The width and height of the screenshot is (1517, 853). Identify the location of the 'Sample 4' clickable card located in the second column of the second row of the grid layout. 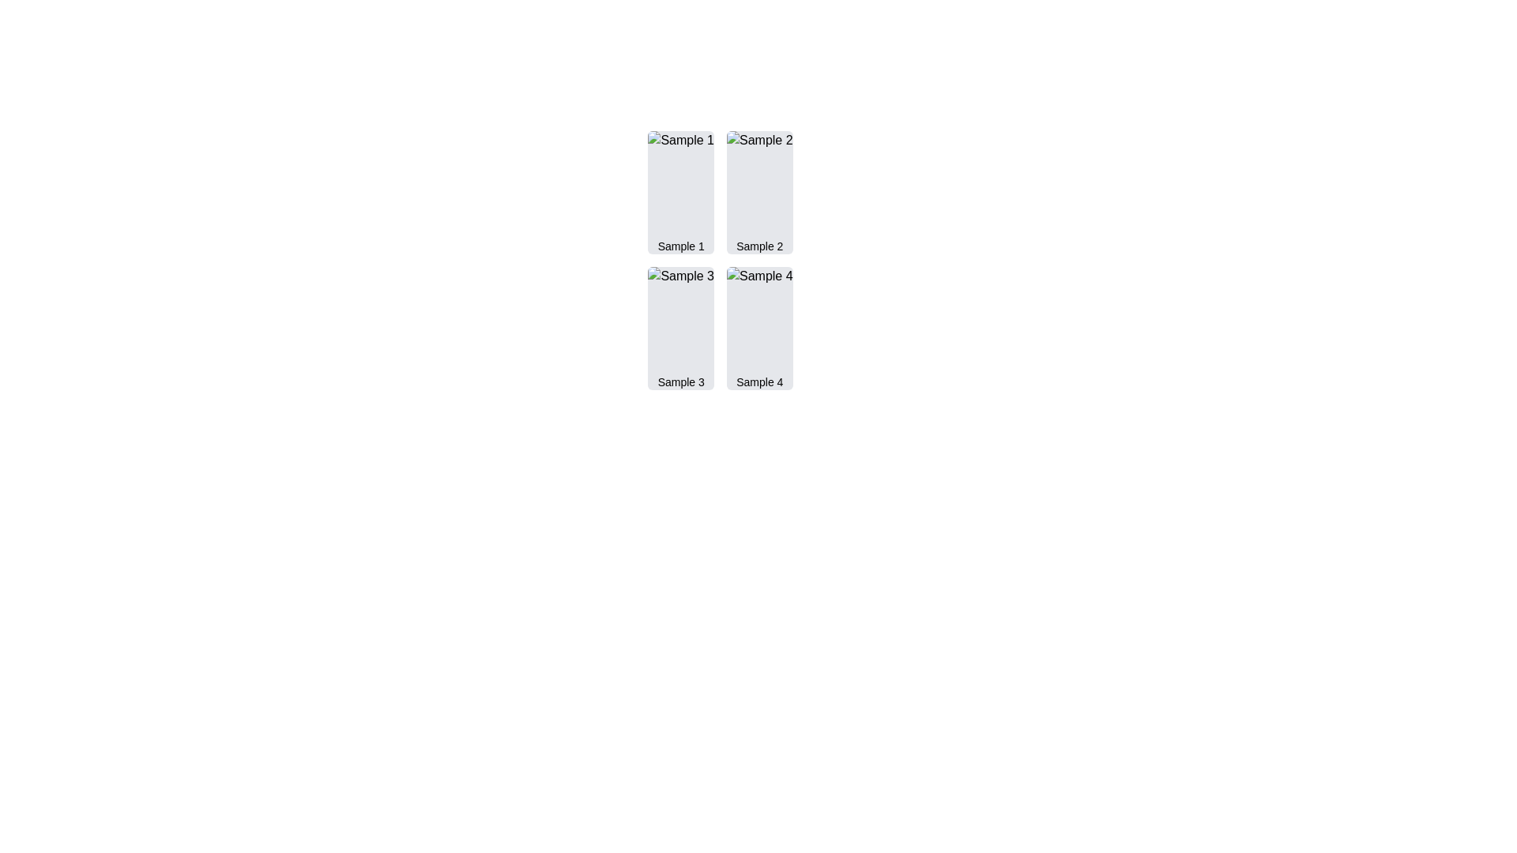
(759, 328).